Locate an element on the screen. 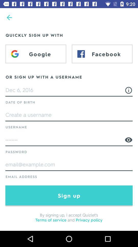  icon to the right of google icon is located at coordinates (102, 54).